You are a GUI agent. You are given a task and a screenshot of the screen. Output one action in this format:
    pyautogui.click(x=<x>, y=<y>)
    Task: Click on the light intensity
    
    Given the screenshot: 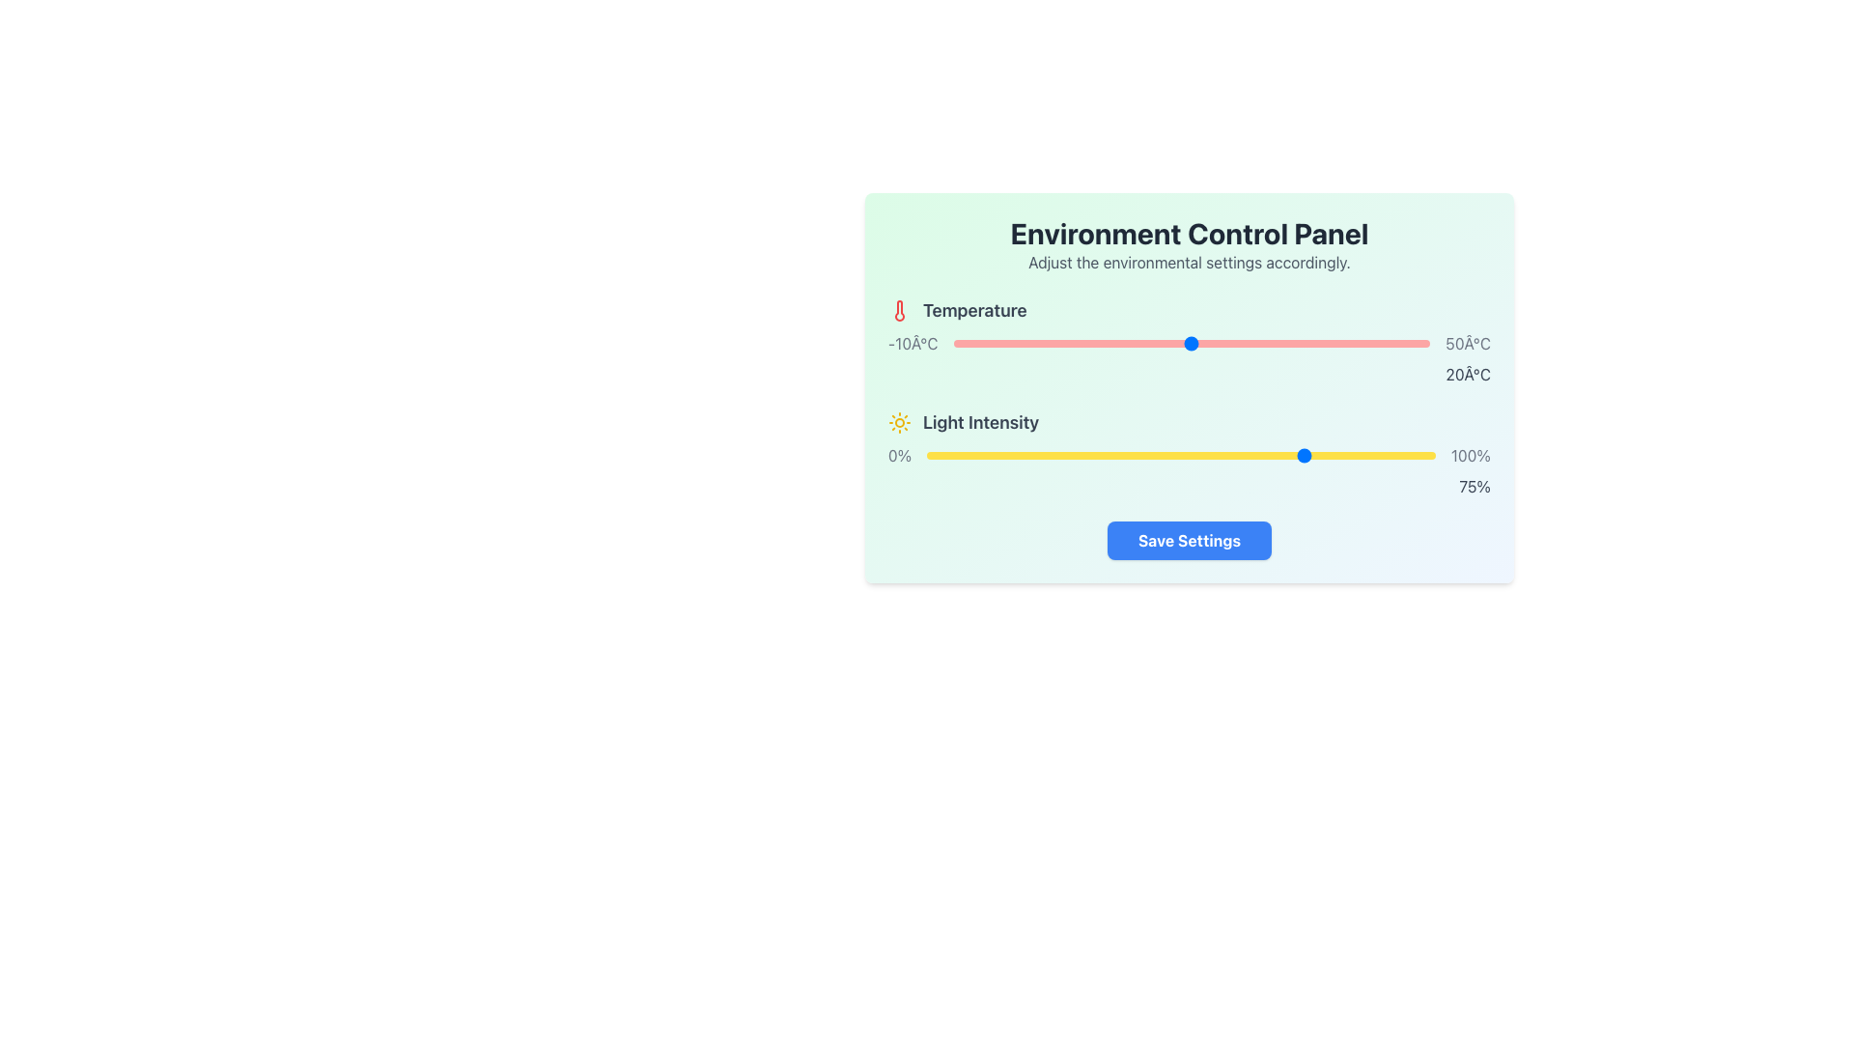 What is the action you would take?
    pyautogui.click(x=1308, y=455)
    